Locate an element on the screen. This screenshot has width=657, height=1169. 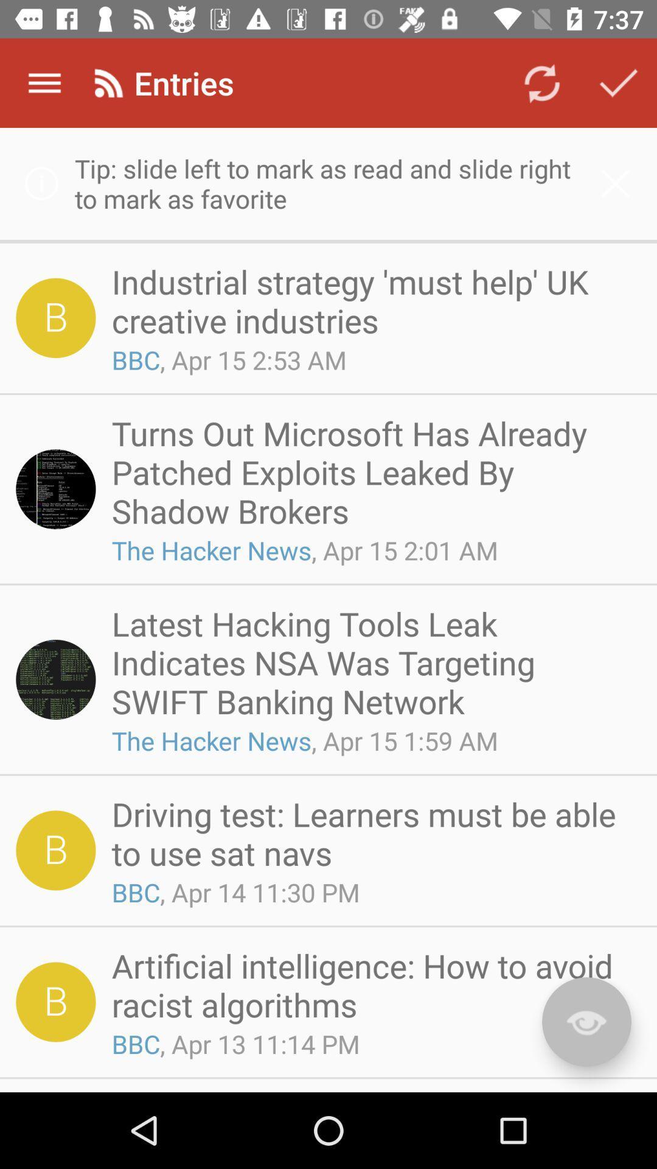
the icon below the bbc apr 14 item is located at coordinates (372, 985).